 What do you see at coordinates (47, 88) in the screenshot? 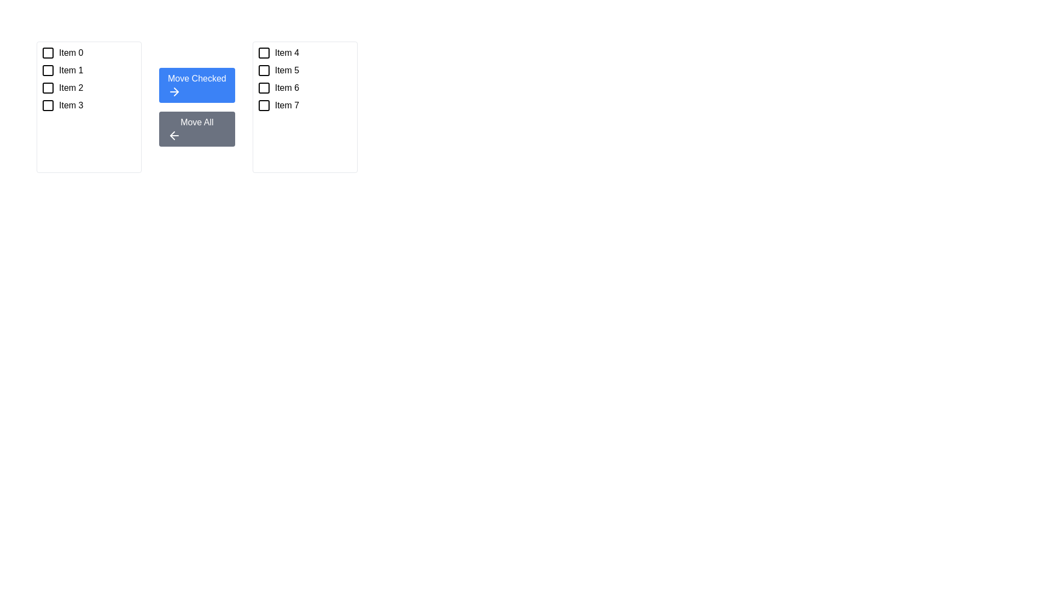
I see `the inner part of the checkbox located to the left of the text 'Item 2'` at bounding box center [47, 88].